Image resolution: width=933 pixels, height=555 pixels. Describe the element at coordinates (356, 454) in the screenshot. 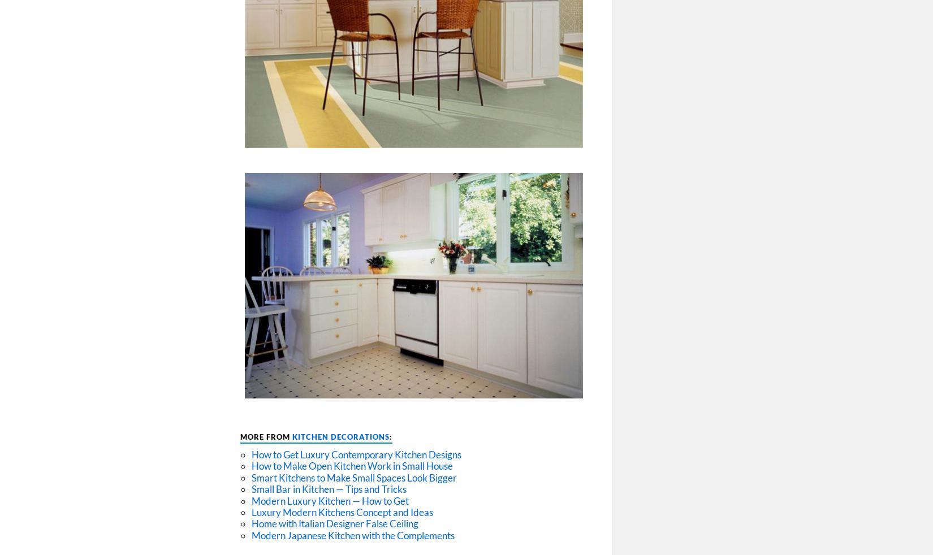

I see `'How to Get Luxury Contemporary Kitchen Designs'` at that location.